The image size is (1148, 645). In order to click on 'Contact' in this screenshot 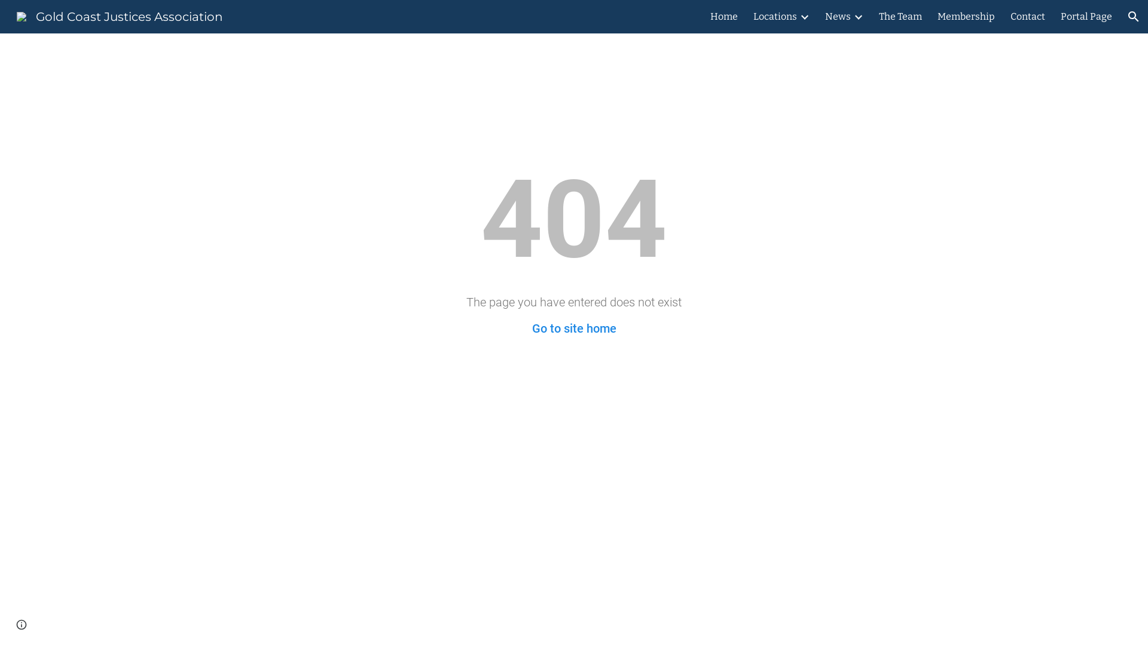, I will do `click(1027, 16)`.